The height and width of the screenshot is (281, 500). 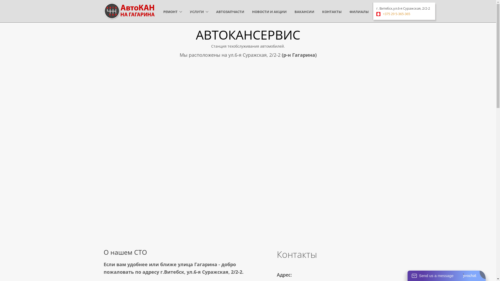 I want to click on '+375 29 5-365-365', so click(x=396, y=14).